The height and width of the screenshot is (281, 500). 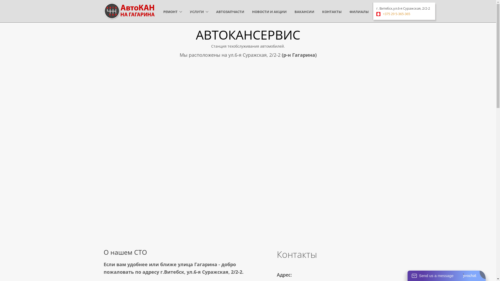 I want to click on '+375 29 5-365-365', so click(x=396, y=14).